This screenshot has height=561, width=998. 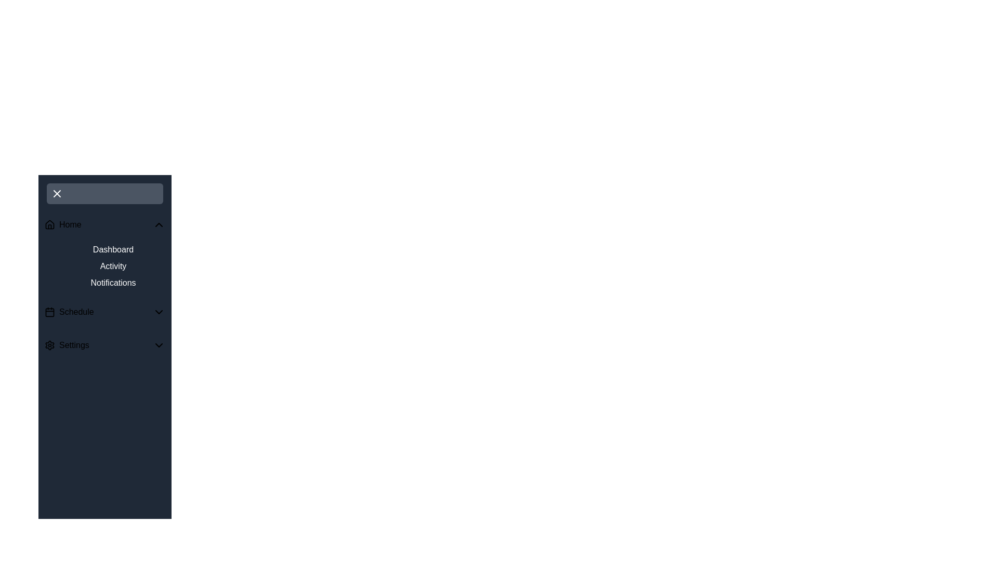 I want to click on the second menu item in the vertical navigation menu, so click(x=104, y=312).